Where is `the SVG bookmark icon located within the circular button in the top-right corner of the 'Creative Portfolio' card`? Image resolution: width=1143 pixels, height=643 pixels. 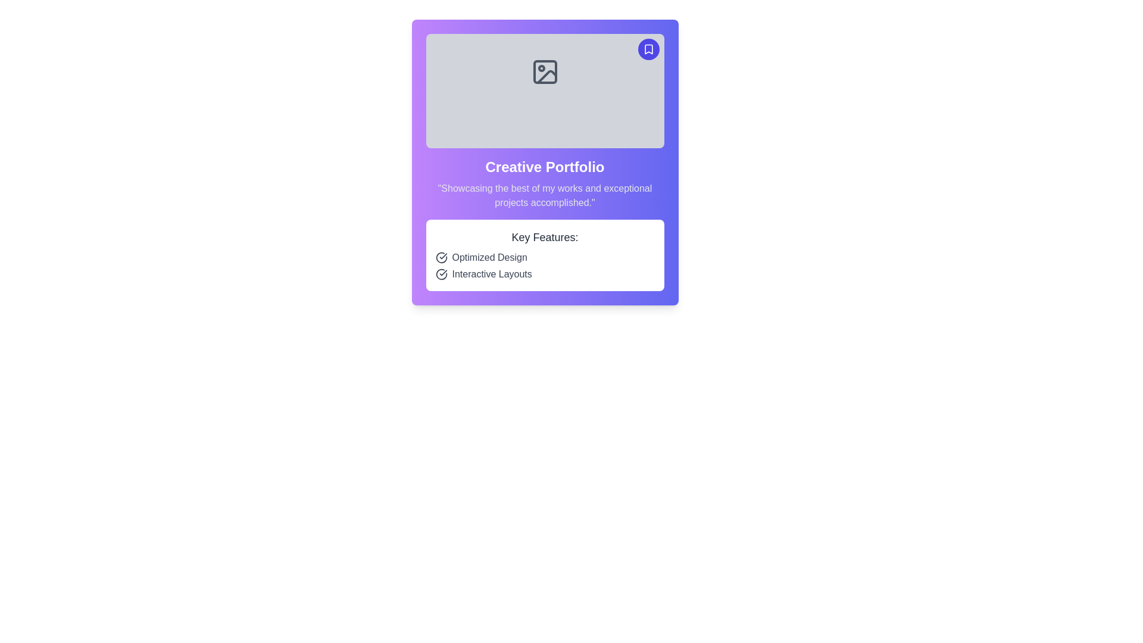 the SVG bookmark icon located within the circular button in the top-right corner of the 'Creative Portfolio' card is located at coordinates (648, 49).